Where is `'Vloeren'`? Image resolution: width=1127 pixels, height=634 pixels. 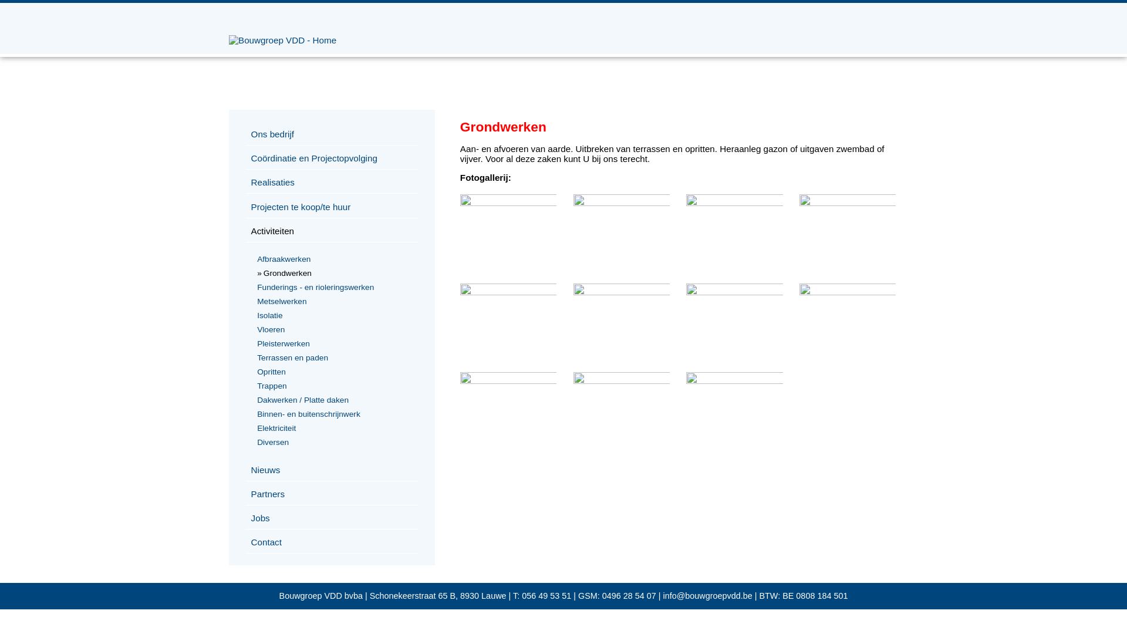
'Vloeren' is located at coordinates (334, 329).